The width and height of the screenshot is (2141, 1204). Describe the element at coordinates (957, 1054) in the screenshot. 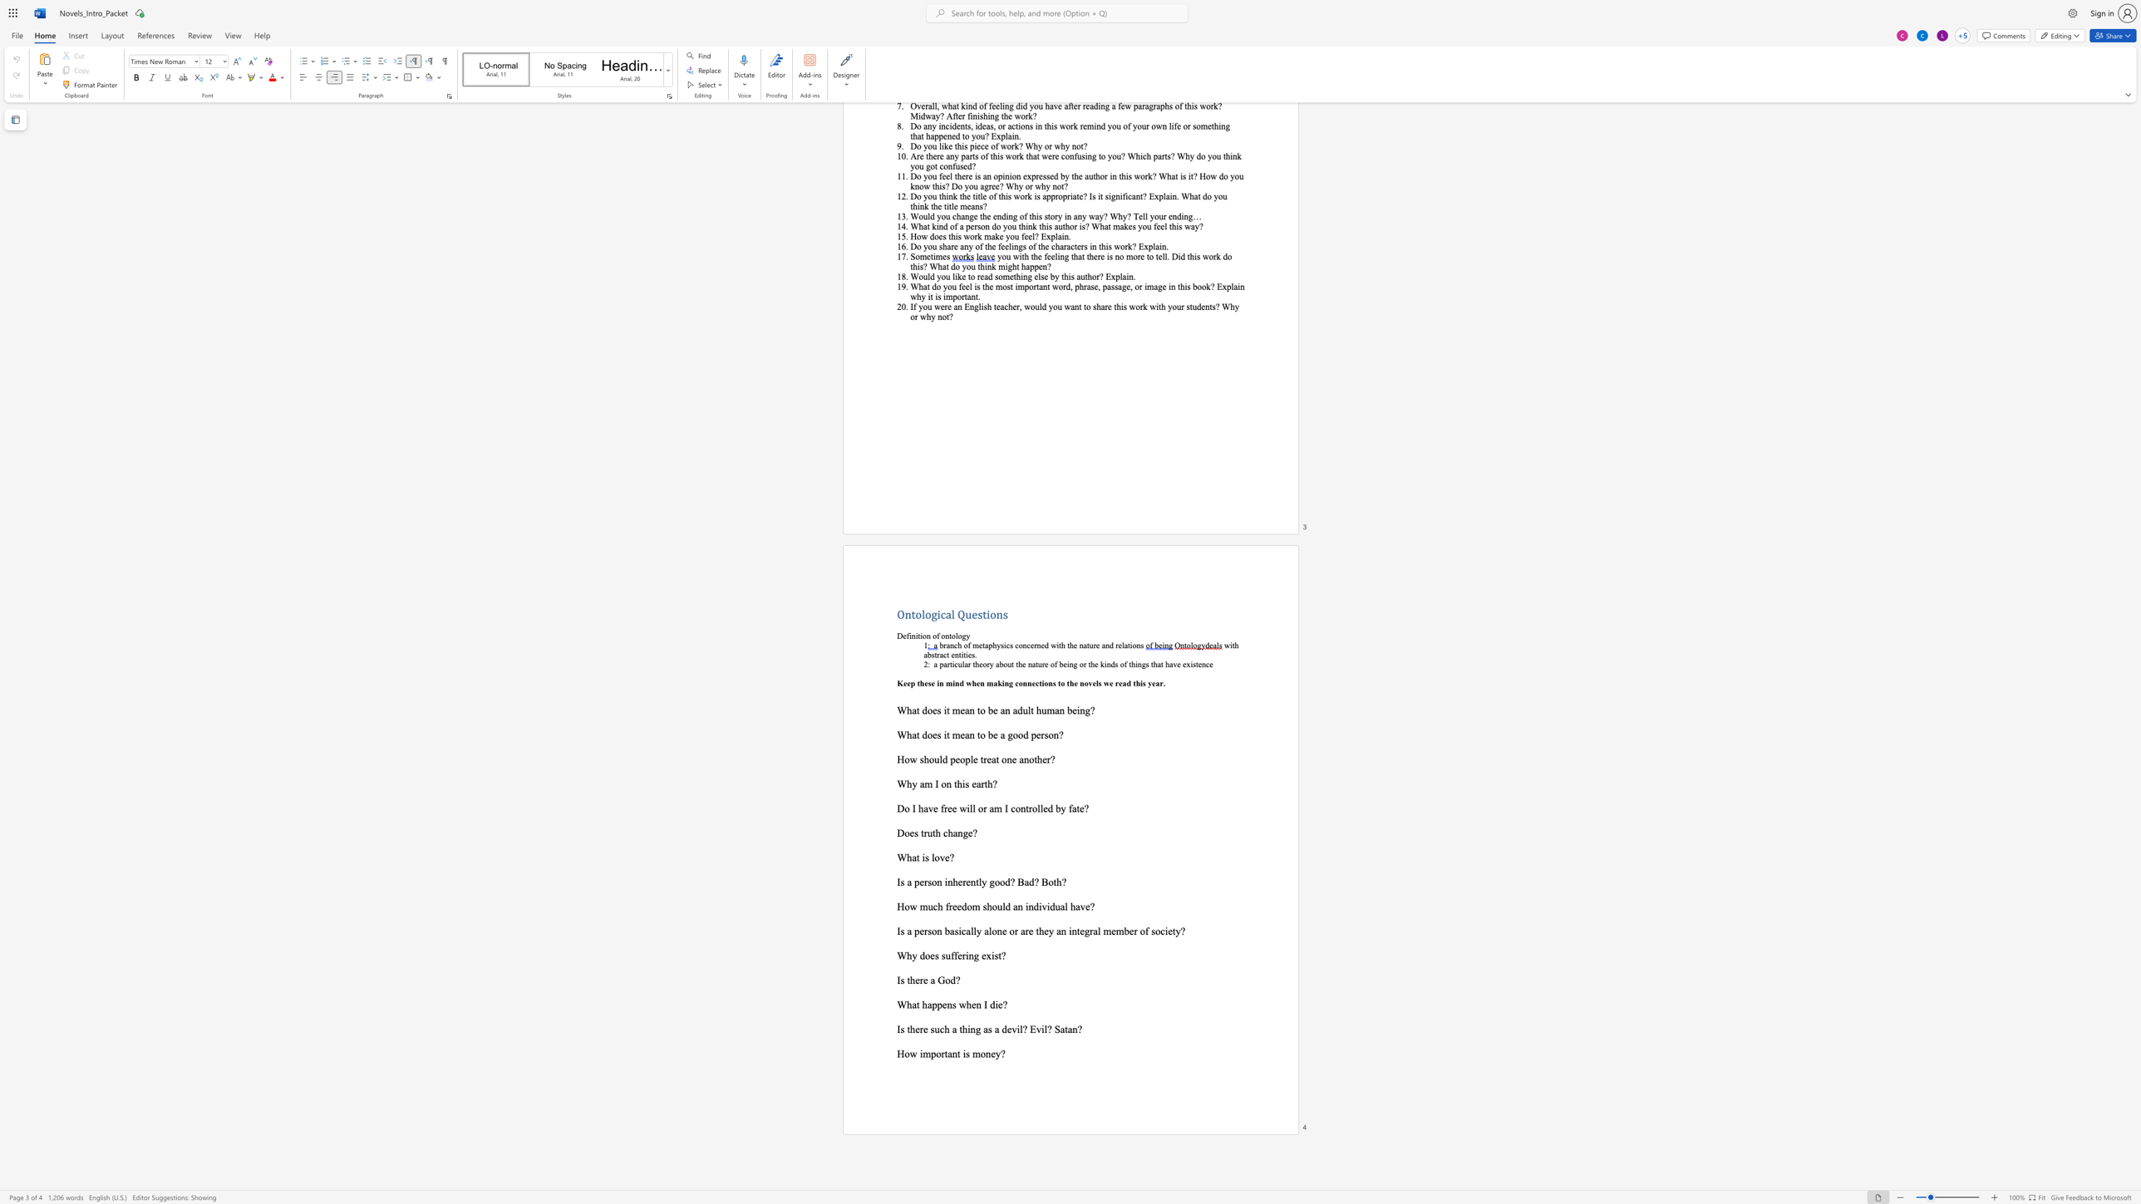

I see `the 2th character "t" in the text` at that location.